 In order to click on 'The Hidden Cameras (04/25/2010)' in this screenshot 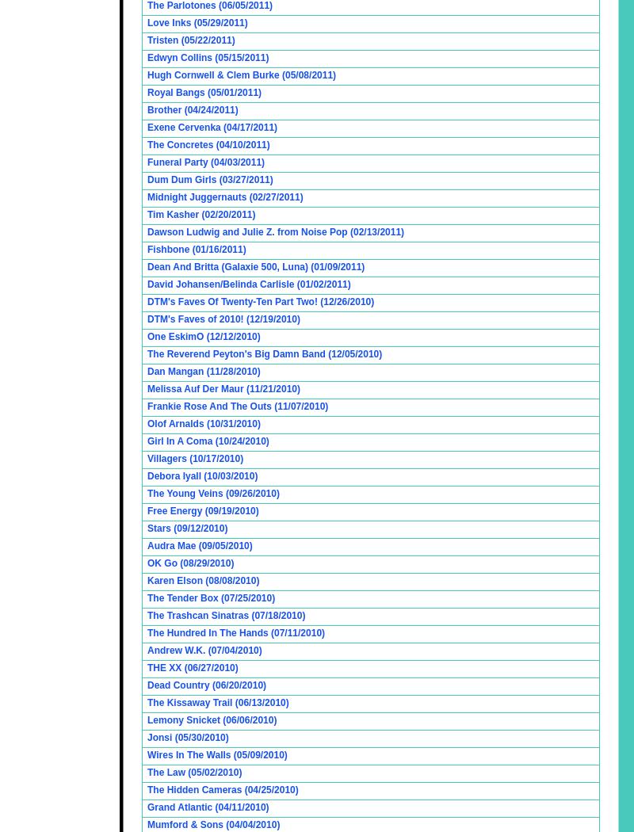, I will do `click(147, 789)`.